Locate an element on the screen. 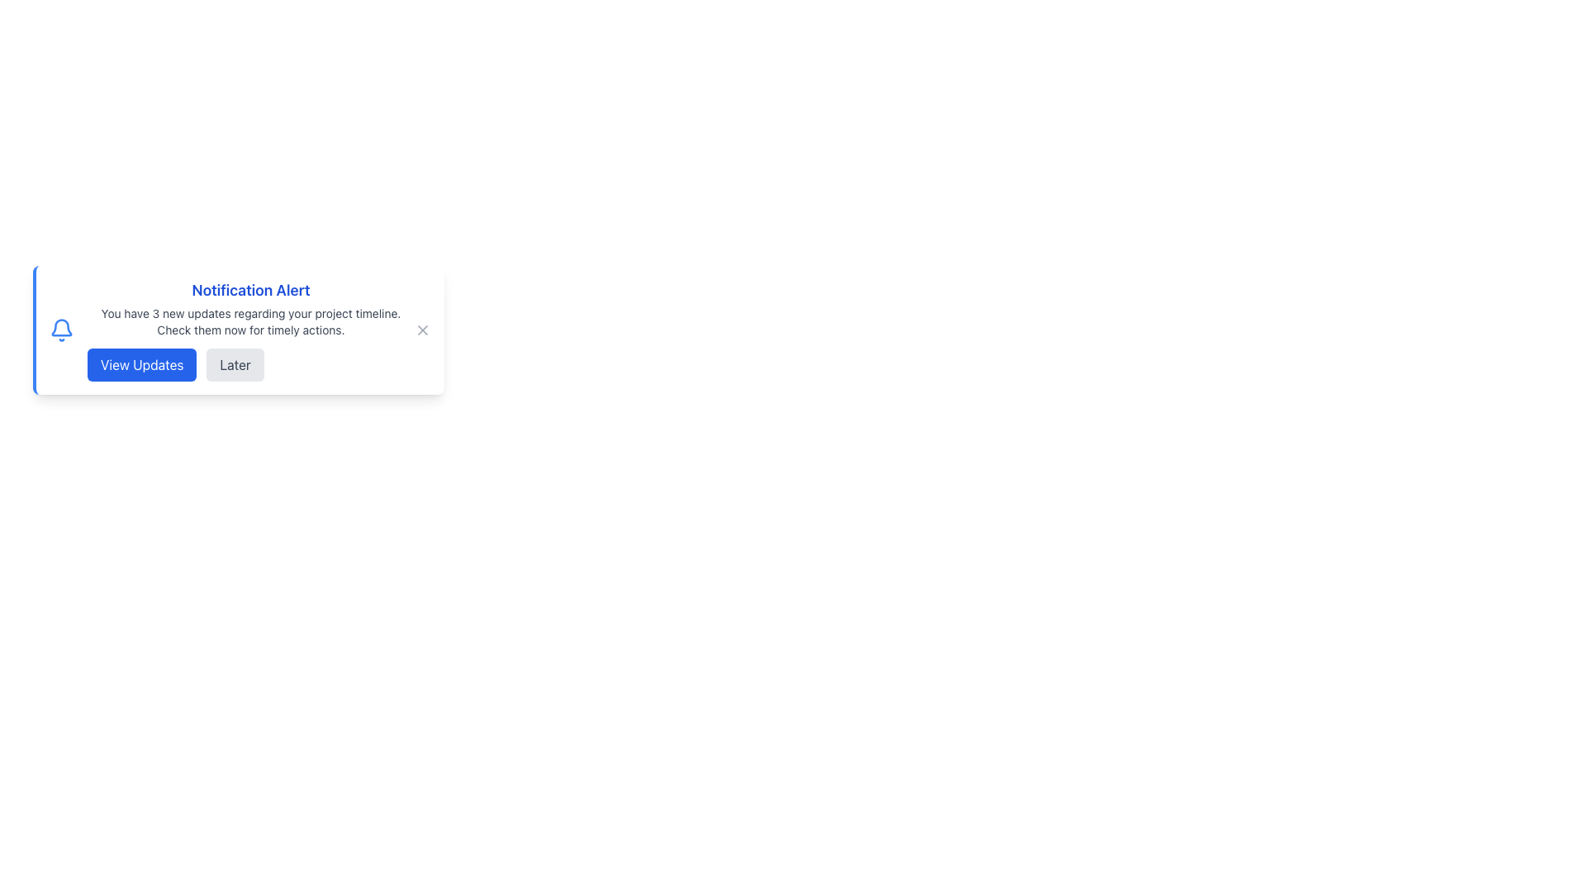 The width and height of the screenshot is (1586, 892). the 'Later' button, which is a rounded rectangle with a light gray background and dark gray text, positioned to the right of the 'View Updates' button in the horizontal button group below the notification heading is located at coordinates (235, 364).